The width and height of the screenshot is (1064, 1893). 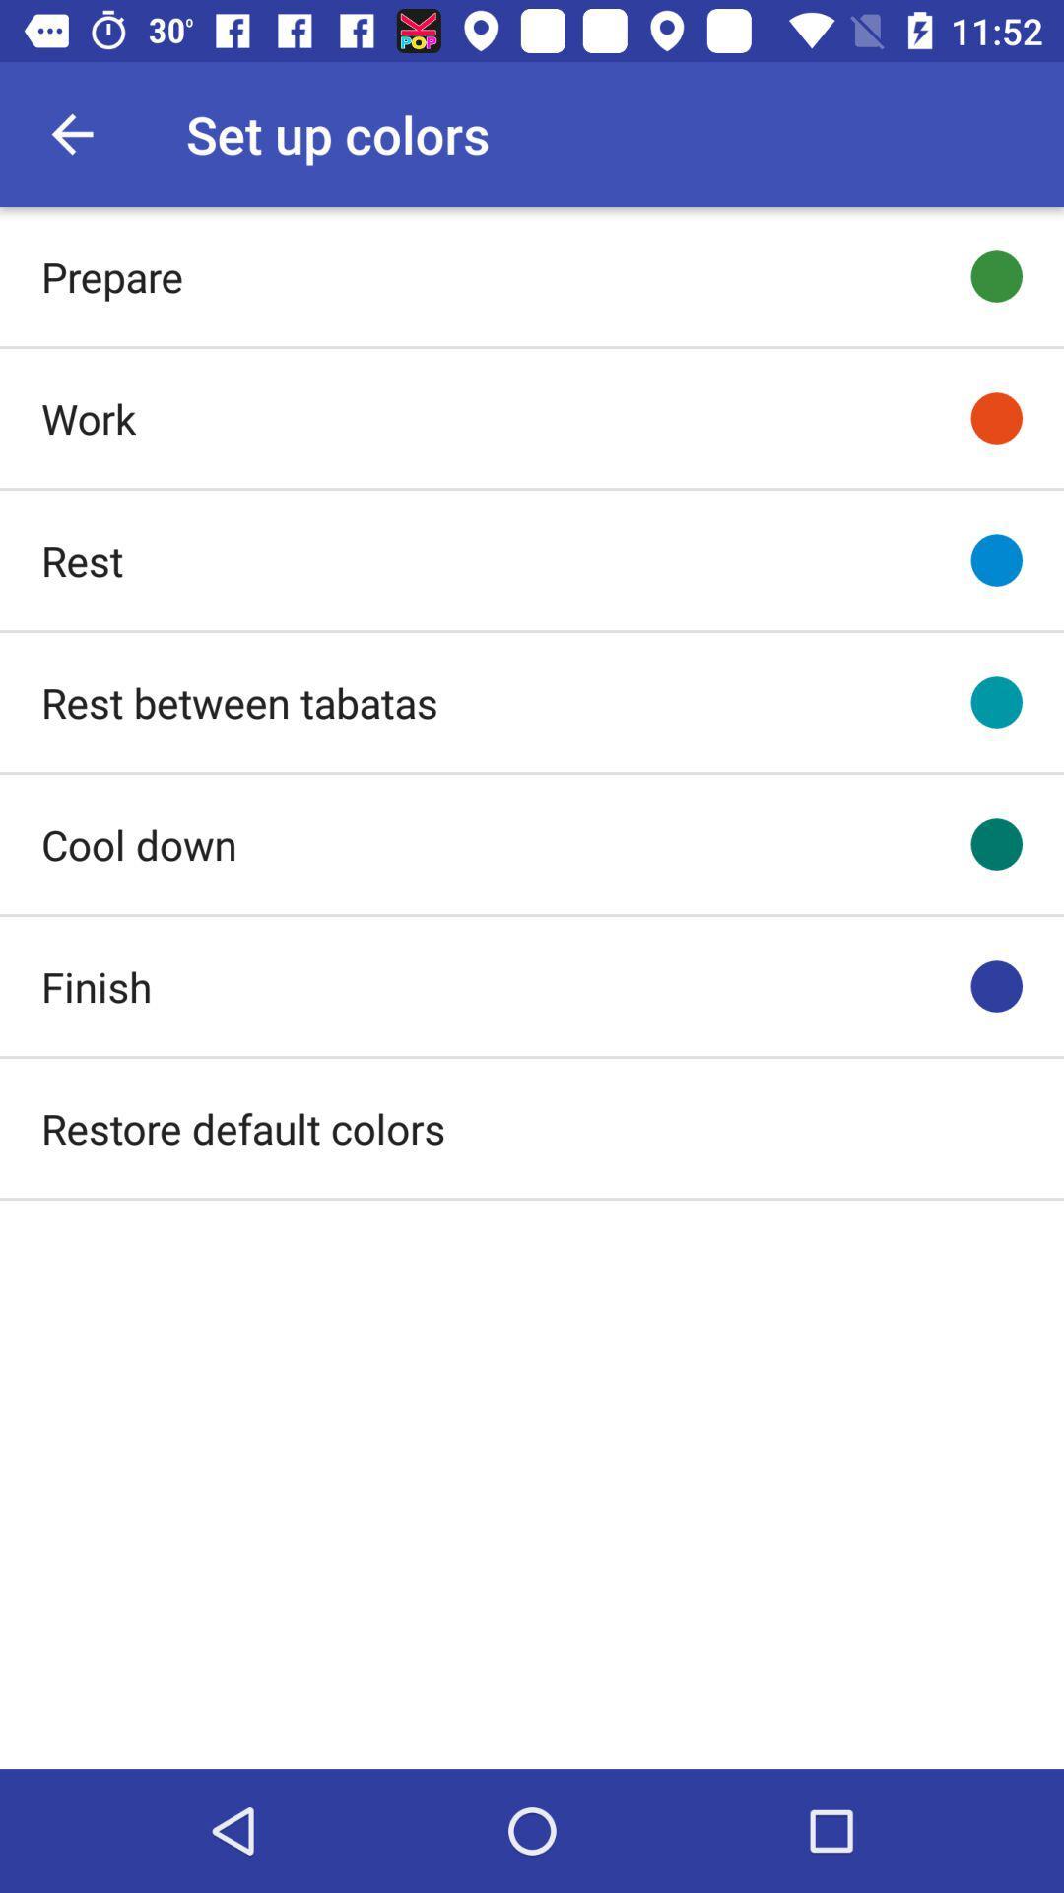 I want to click on icon to the right of finish item, so click(x=996, y=986).